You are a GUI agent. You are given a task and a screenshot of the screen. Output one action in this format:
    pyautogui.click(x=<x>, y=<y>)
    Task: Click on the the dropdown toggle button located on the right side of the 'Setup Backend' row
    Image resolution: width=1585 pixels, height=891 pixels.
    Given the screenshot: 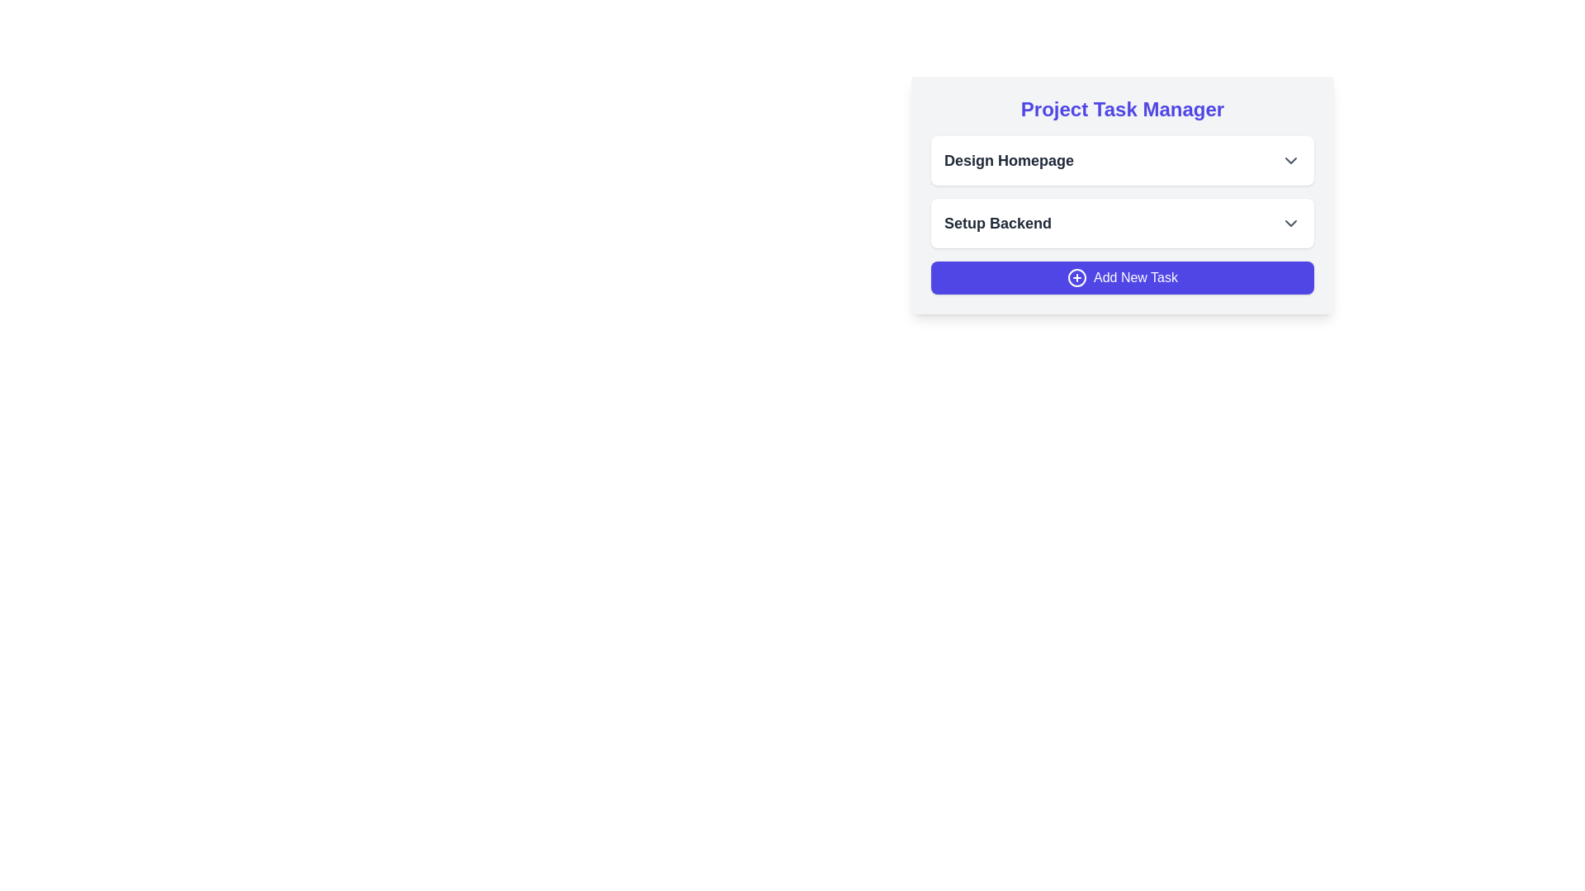 What is the action you would take?
    pyautogui.click(x=1290, y=223)
    